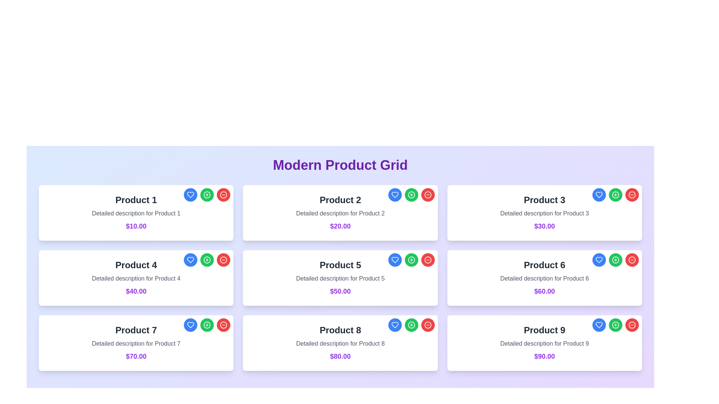 This screenshot has width=719, height=404. Describe the element at coordinates (544, 291) in the screenshot. I see `price value displayed in the text label located at the bottom of the product card for 'Product 6', which is in the second row and third column of the product grid` at that location.